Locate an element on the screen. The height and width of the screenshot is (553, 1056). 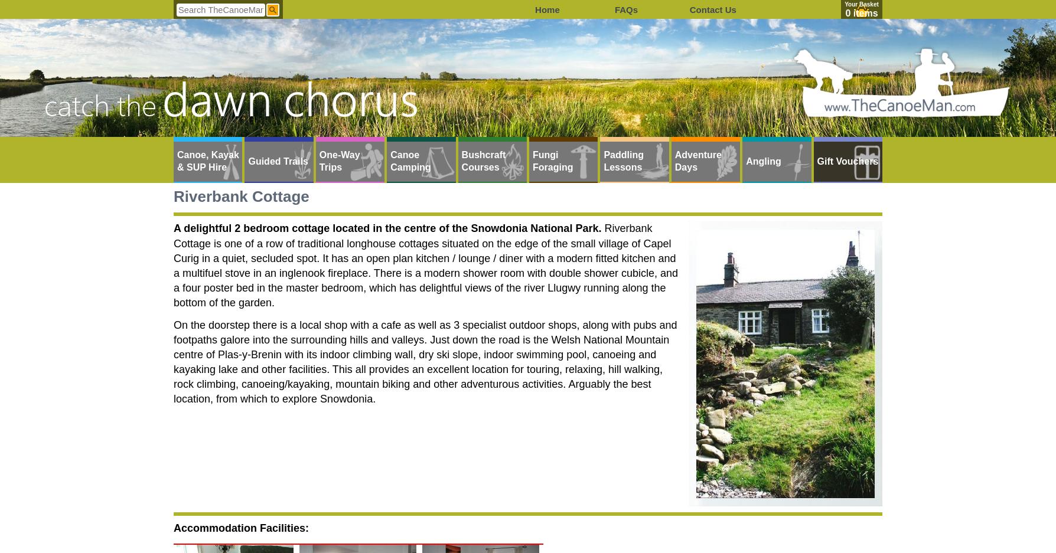
'Accommodation Facilities:' is located at coordinates (240, 528).